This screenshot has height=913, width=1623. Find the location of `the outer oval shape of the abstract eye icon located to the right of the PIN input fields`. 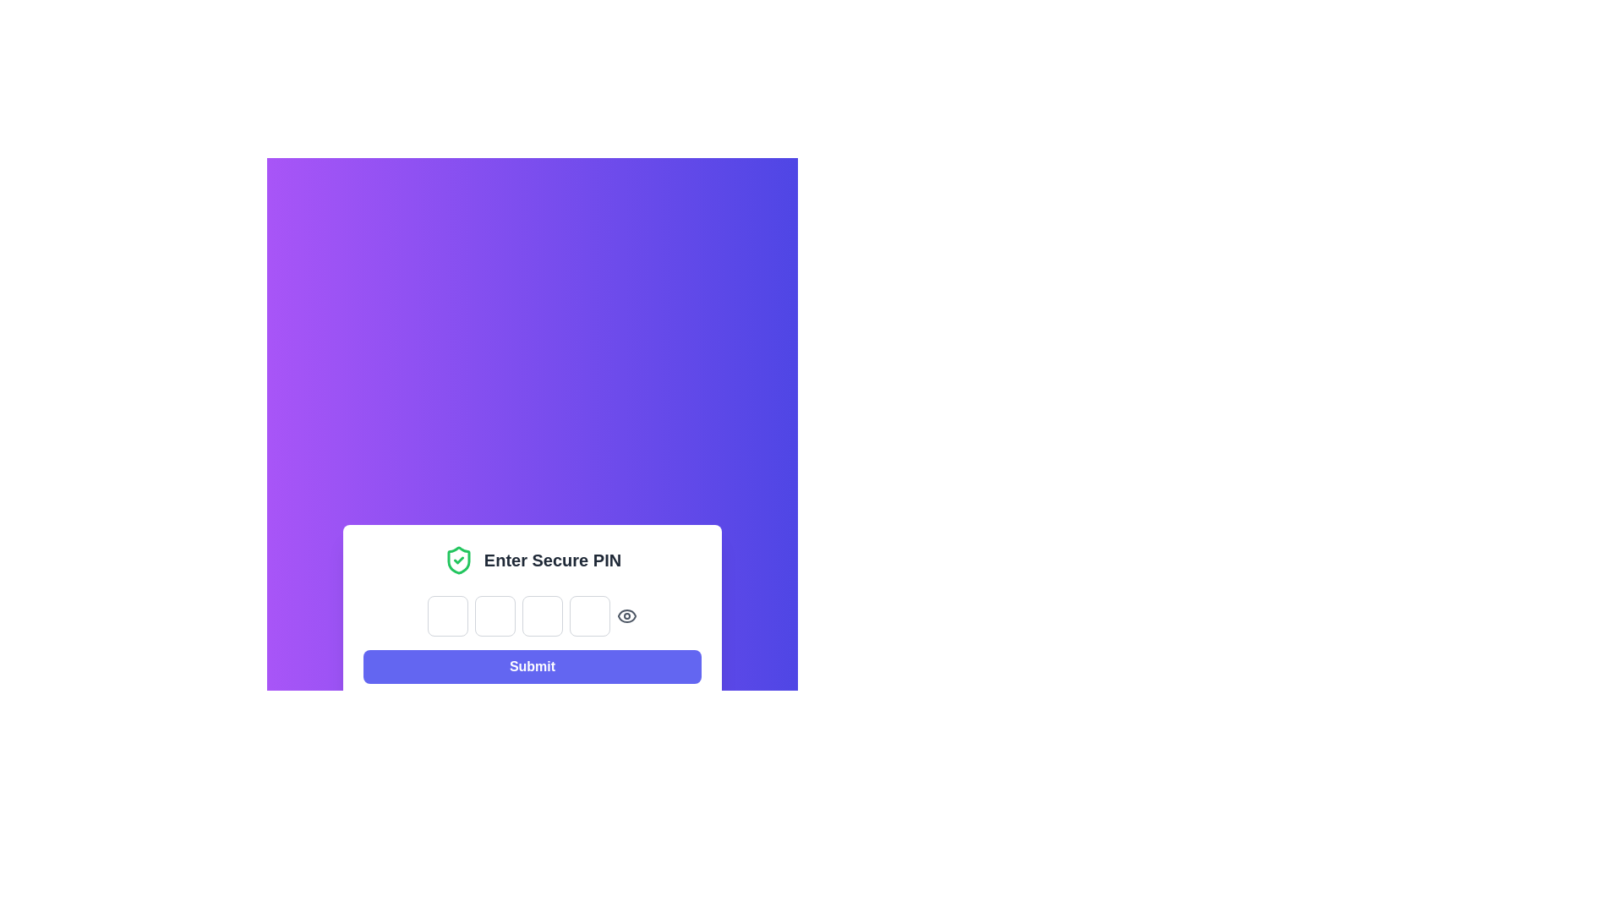

the outer oval shape of the abstract eye icon located to the right of the PIN input fields is located at coordinates (626, 616).